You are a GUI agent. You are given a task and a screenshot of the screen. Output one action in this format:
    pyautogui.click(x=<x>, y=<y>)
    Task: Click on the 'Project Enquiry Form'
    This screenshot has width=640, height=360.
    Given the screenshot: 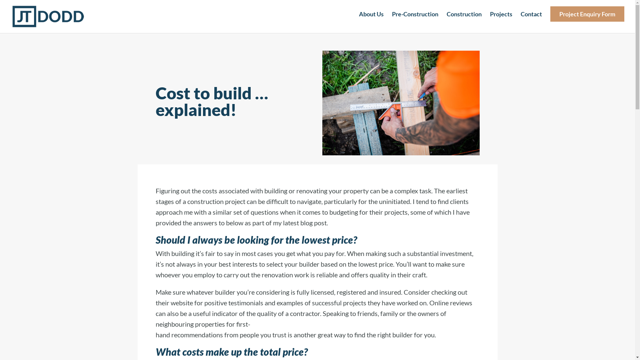 What is the action you would take?
    pyautogui.click(x=550, y=19)
    